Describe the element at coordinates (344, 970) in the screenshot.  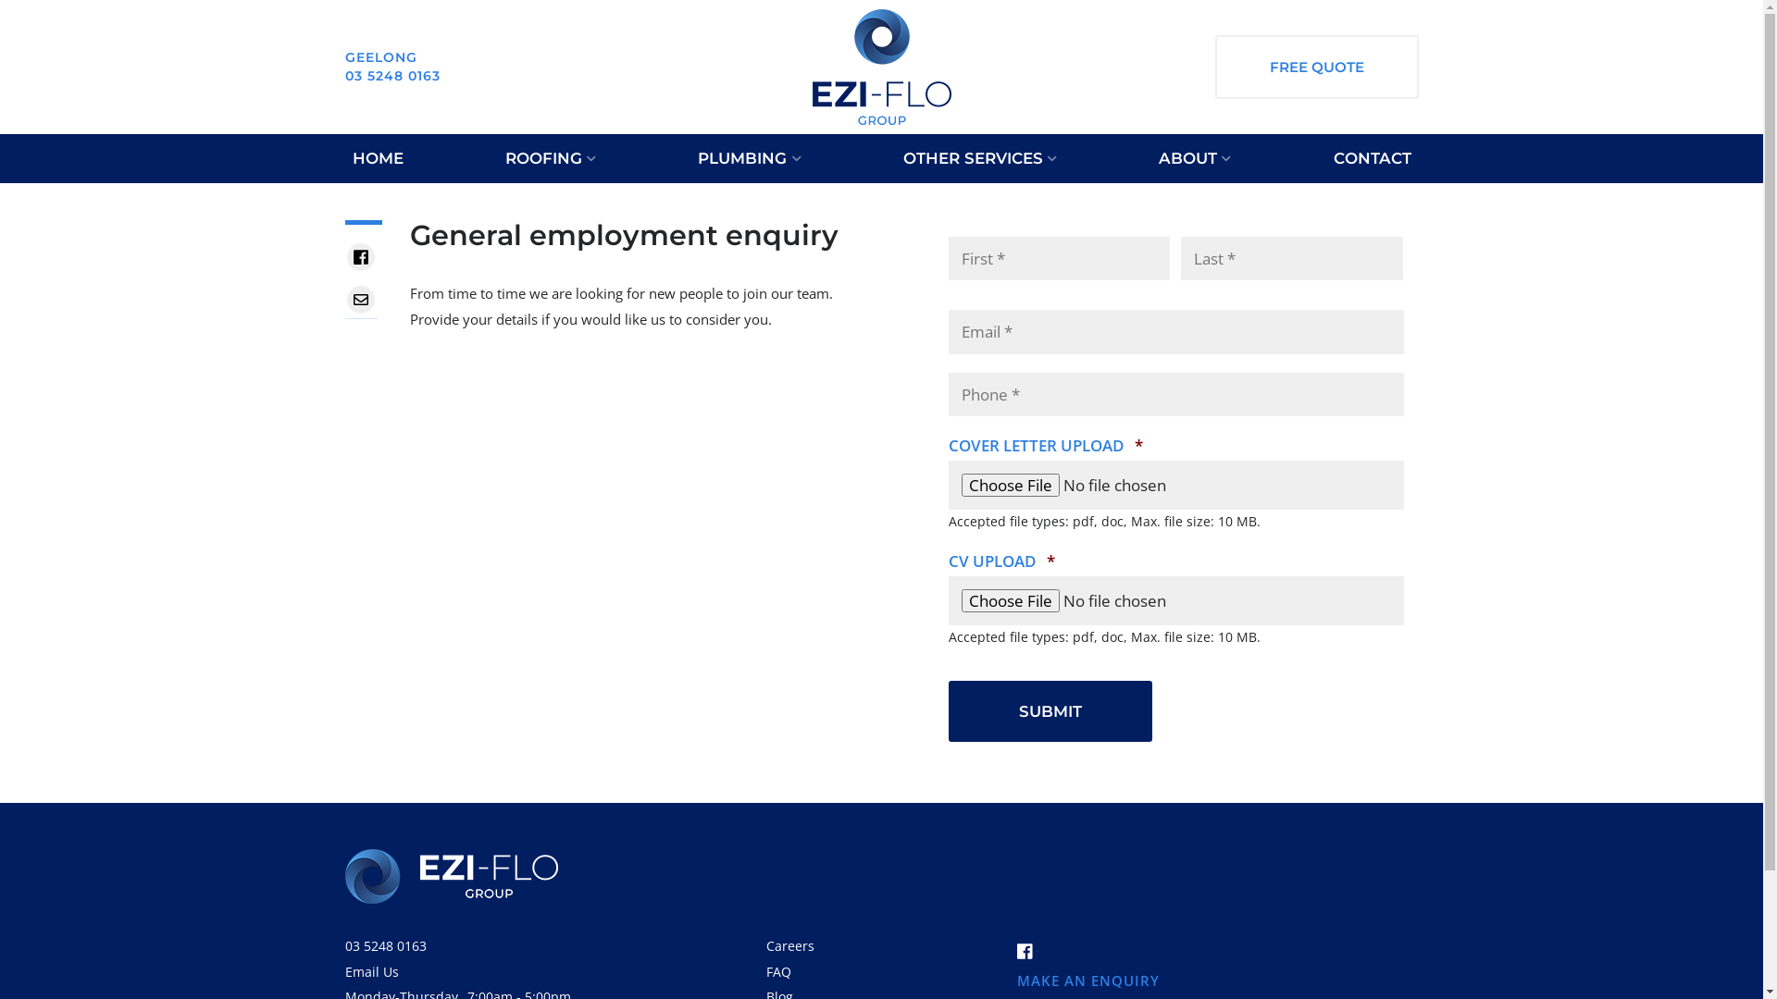
I see `'Email Us'` at that location.